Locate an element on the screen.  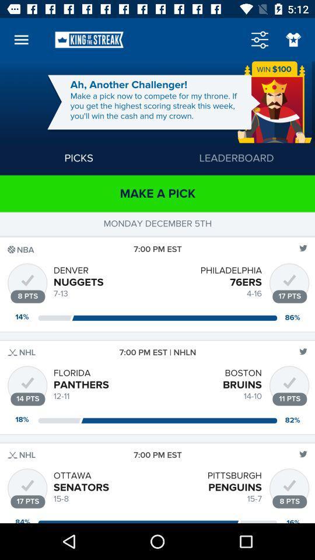
favorite is located at coordinates (293, 40).